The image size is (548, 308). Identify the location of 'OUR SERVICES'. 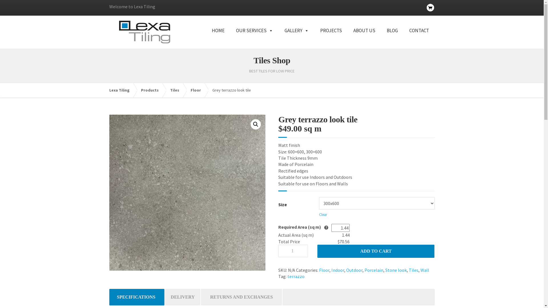
(254, 37).